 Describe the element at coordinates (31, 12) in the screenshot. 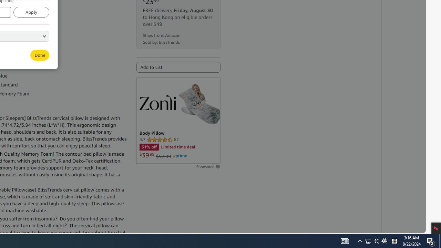

I see `'Apply'` at that location.